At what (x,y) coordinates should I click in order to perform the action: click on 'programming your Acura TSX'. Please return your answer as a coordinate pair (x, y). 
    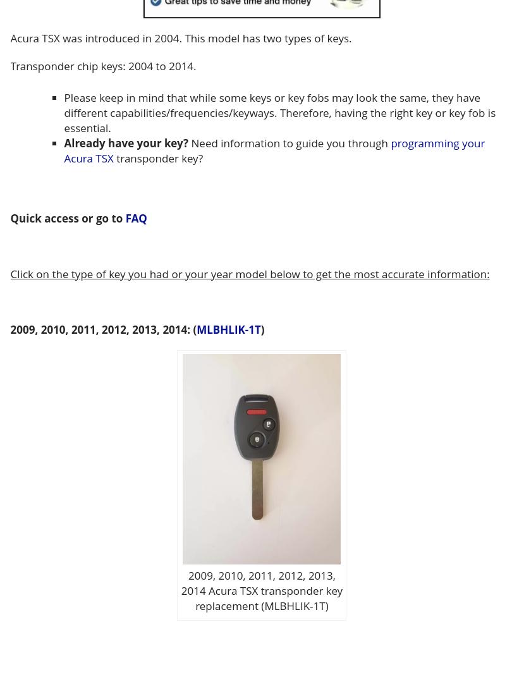
    Looking at the image, I should click on (273, 150).